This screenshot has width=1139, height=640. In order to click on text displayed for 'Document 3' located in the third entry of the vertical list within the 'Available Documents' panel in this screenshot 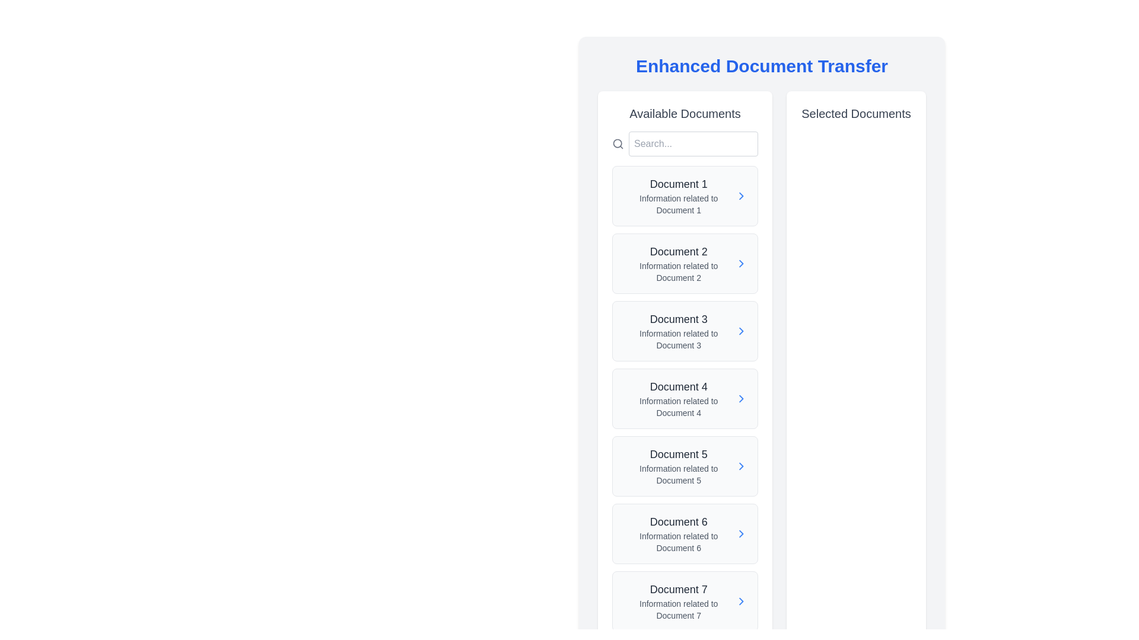, I will do `click(679, 331)`.